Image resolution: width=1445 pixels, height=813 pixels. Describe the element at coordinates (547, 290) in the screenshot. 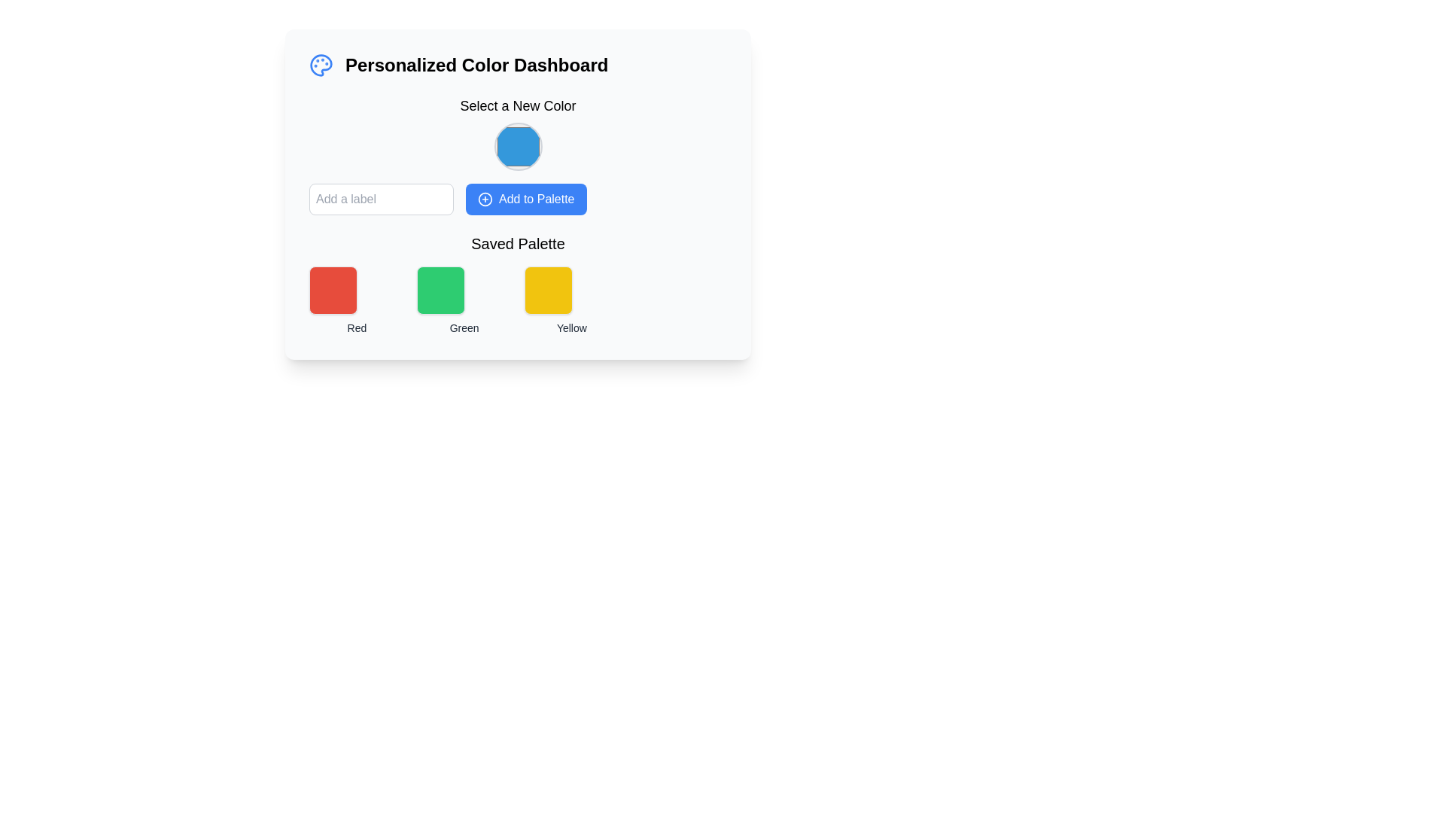

I see `the rightmost yellow selectable color button in the 'Saved Palette' section` at that location.